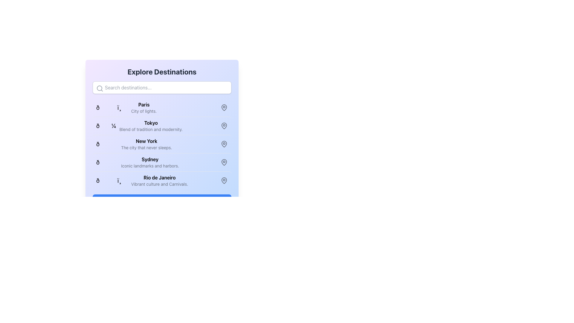 The width and height of the screenshot is (574, 323). I want to click on the building emoji icon located to the left of the text 'Paris' in the 'Explore Destinations' interface, which is the first element in the list view, so click(112, 107).